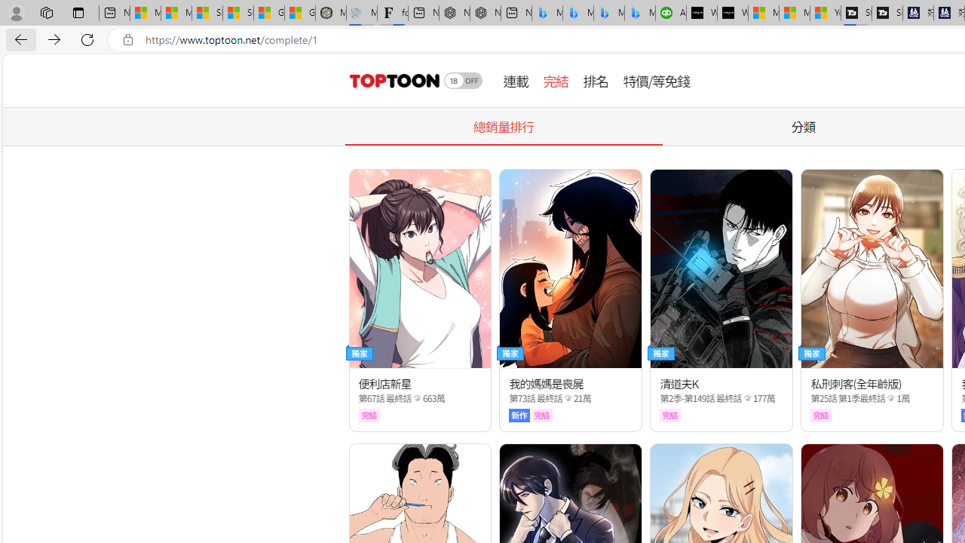  Describe the element at coordinates (330, 13) in the screenshot. I see `'Manatee Mortality Statistics | FWC'` at that location.